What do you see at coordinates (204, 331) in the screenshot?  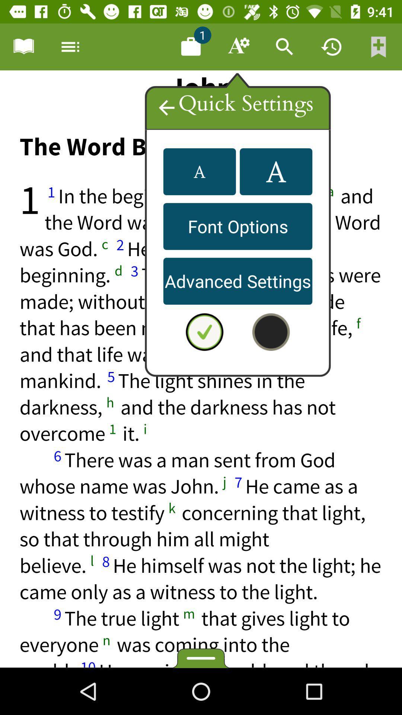 I see `deselect quick settings` at bounding box center [204, 331].